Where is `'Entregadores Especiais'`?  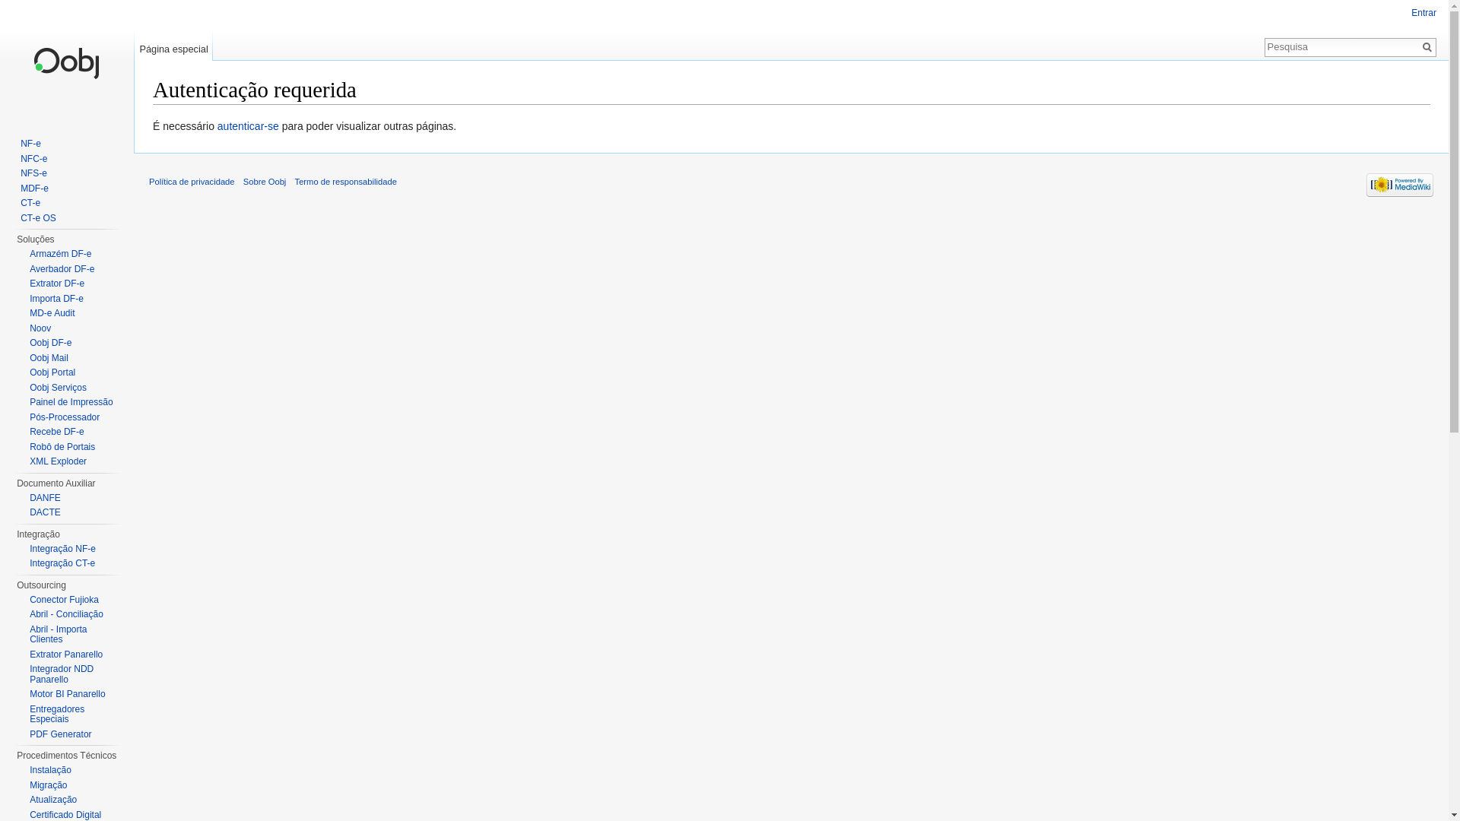 'Entregadores Especiais' is located at coordinates (57, 715).